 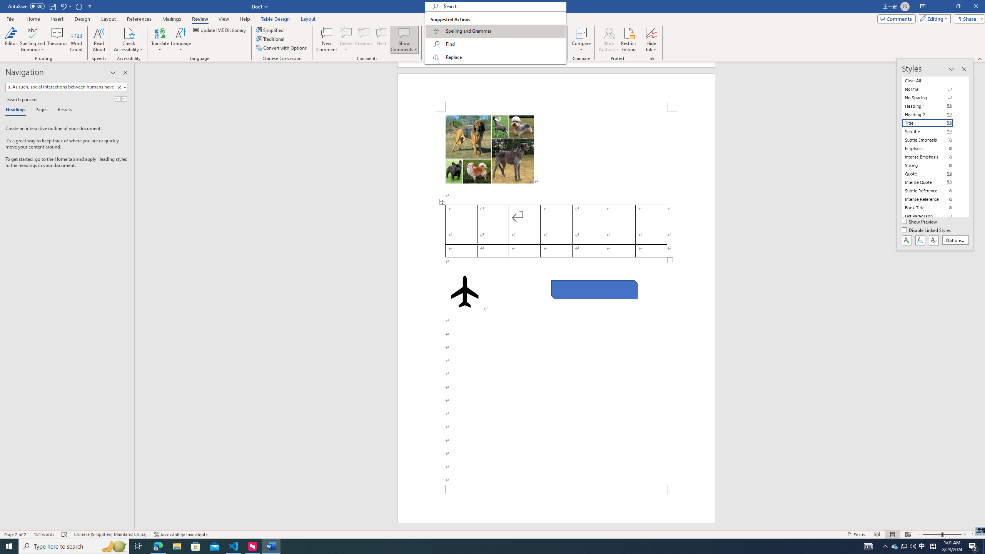 I want to click on 'Options...', so click(x=955, y=240).